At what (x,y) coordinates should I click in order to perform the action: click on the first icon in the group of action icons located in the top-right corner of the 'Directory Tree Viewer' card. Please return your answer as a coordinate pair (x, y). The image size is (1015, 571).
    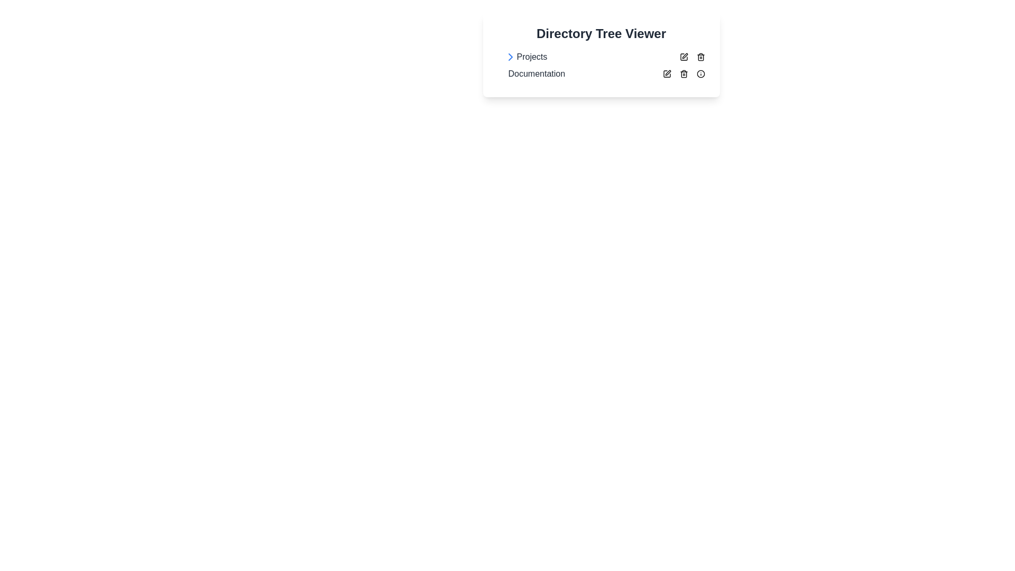
    Looking at the image, I should click on (684, 57).